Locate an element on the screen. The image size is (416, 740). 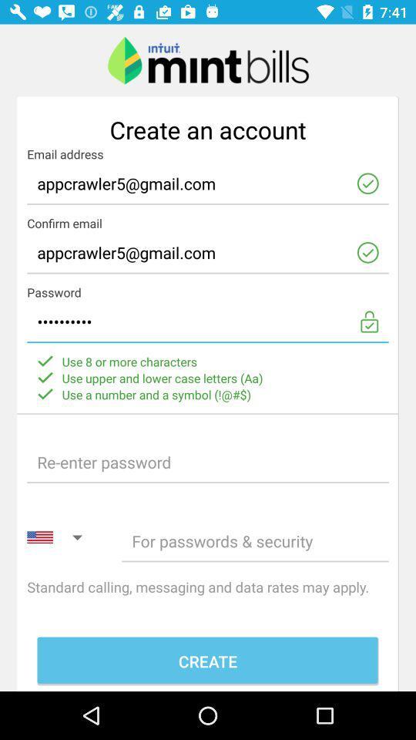
re-enter the password is located at coordinates (208, 462).